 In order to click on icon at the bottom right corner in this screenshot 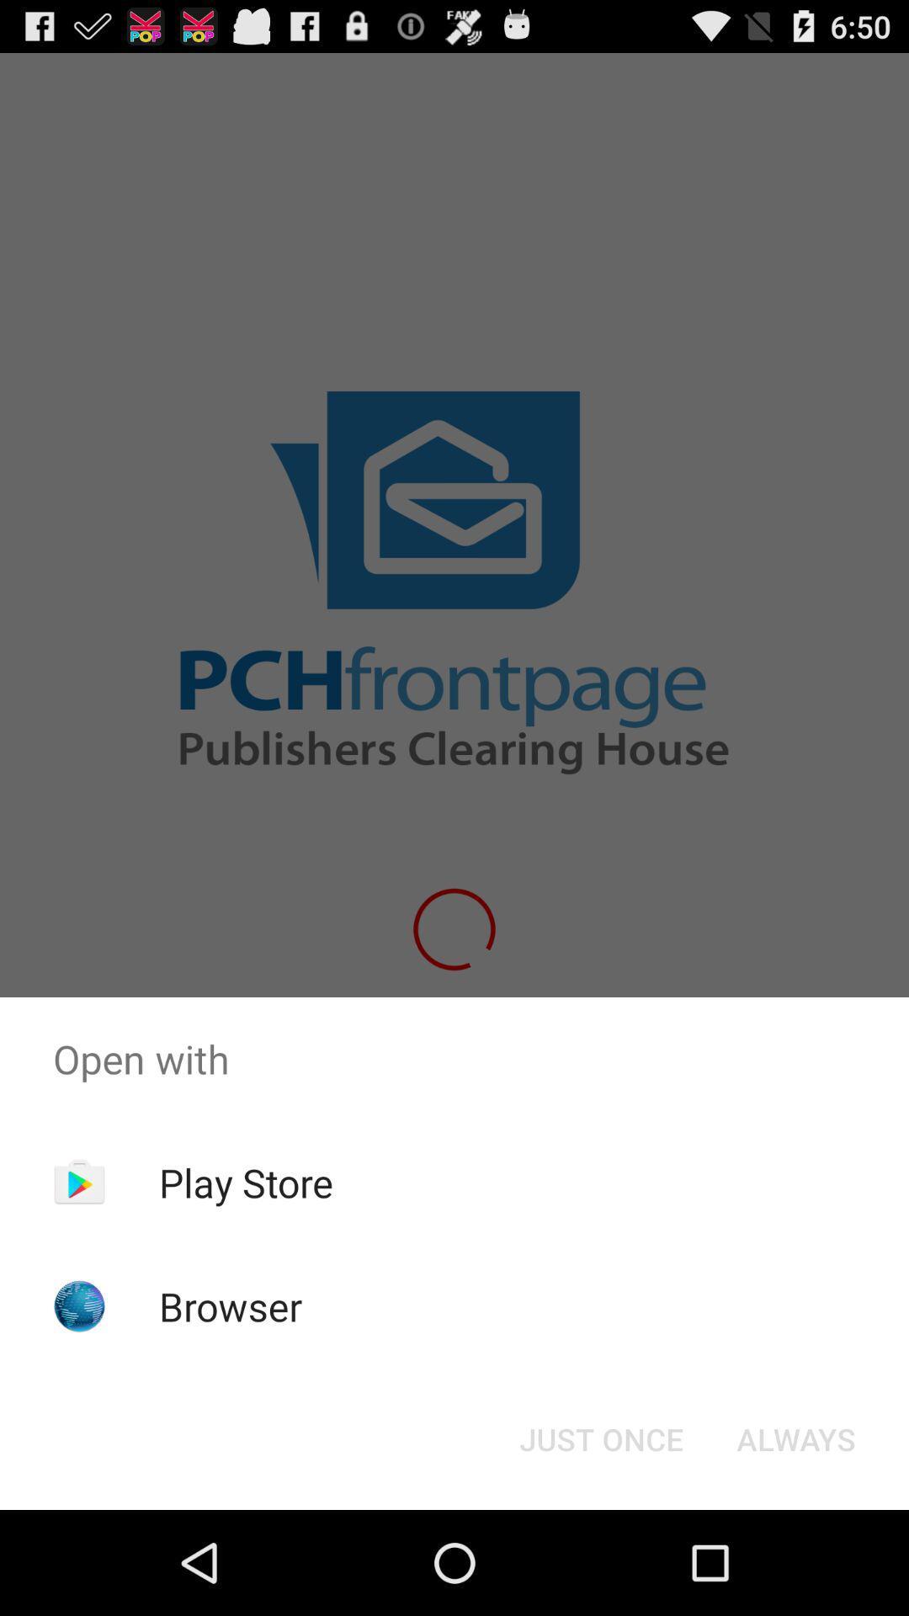, I will do `click(795, 1438)`.